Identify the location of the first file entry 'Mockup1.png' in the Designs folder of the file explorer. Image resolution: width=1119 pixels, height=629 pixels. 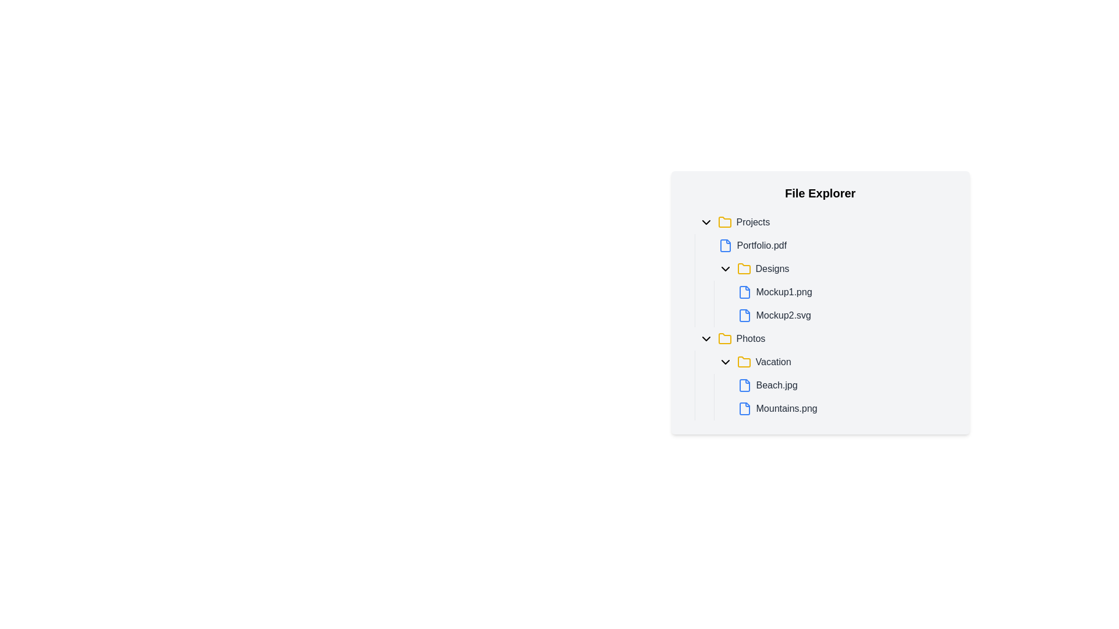
(844, 291).